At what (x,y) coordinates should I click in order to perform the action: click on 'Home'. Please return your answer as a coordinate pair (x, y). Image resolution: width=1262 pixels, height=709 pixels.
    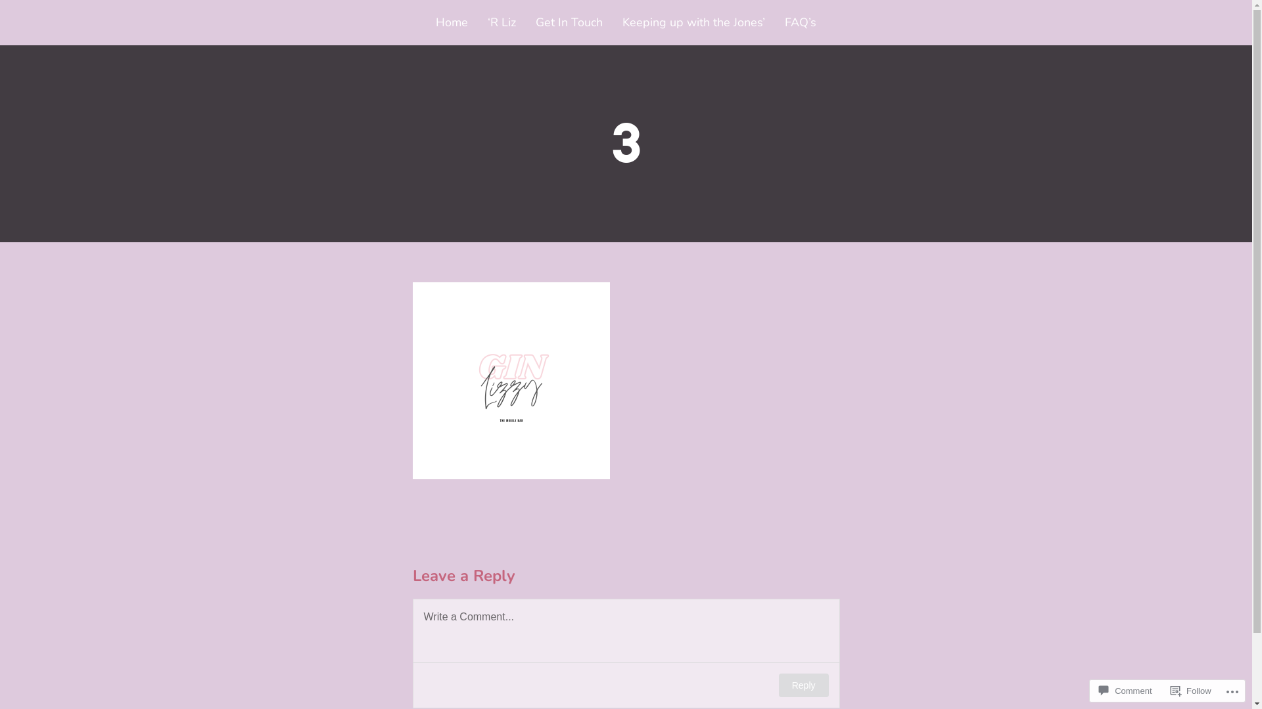
    Looking at the image, I should click on (435, 22).